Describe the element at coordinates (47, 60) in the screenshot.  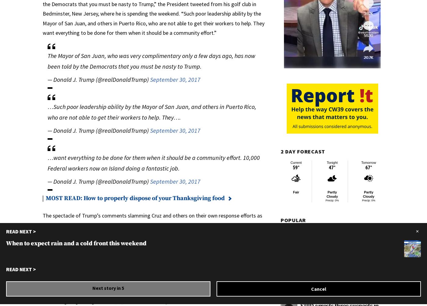
I see `'The Mayor of San Juan, who was very complimentary only a few days ago, has now been told by the Democrats that you must be nasty to Trump.'` at that location.